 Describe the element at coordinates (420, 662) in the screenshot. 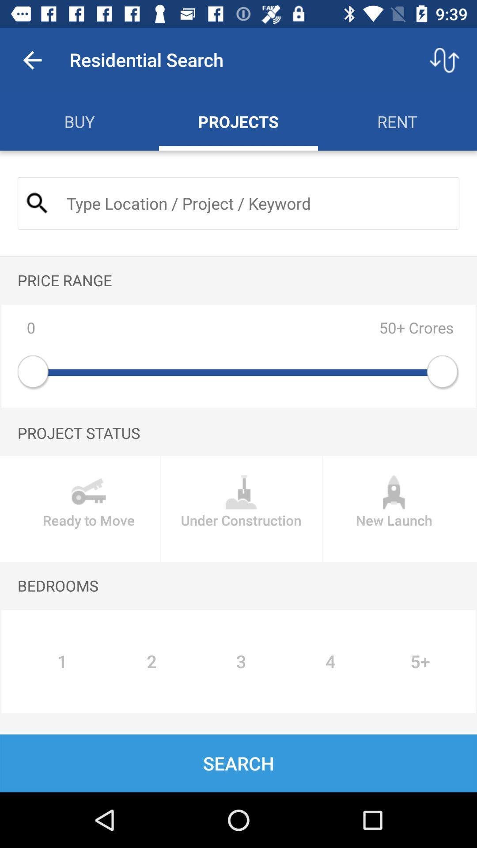

I see `the item below bedrooms` at that location.